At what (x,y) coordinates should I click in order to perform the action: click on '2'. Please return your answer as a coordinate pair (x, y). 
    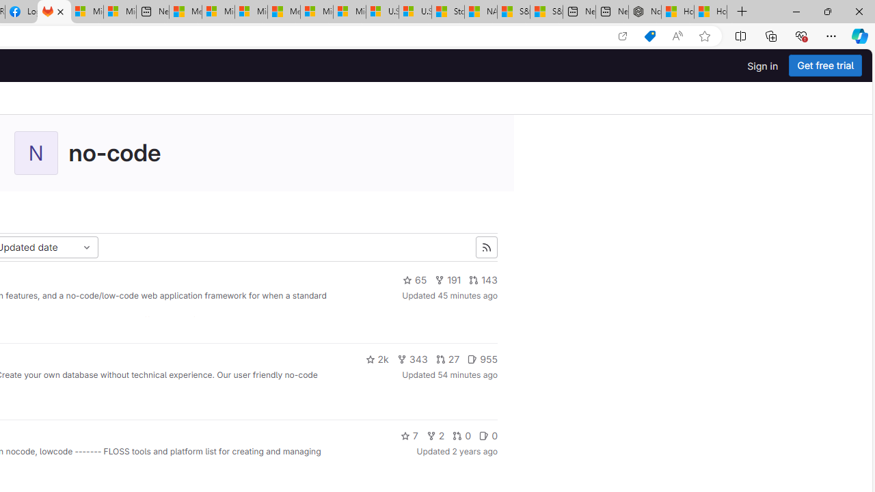
    Looking at the image, I should click on (435, 435).